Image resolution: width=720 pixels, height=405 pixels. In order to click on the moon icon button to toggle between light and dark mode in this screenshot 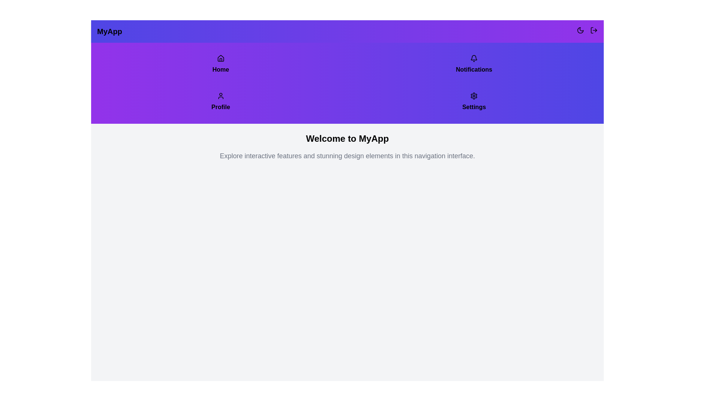, I will do `click(580, 30)`.